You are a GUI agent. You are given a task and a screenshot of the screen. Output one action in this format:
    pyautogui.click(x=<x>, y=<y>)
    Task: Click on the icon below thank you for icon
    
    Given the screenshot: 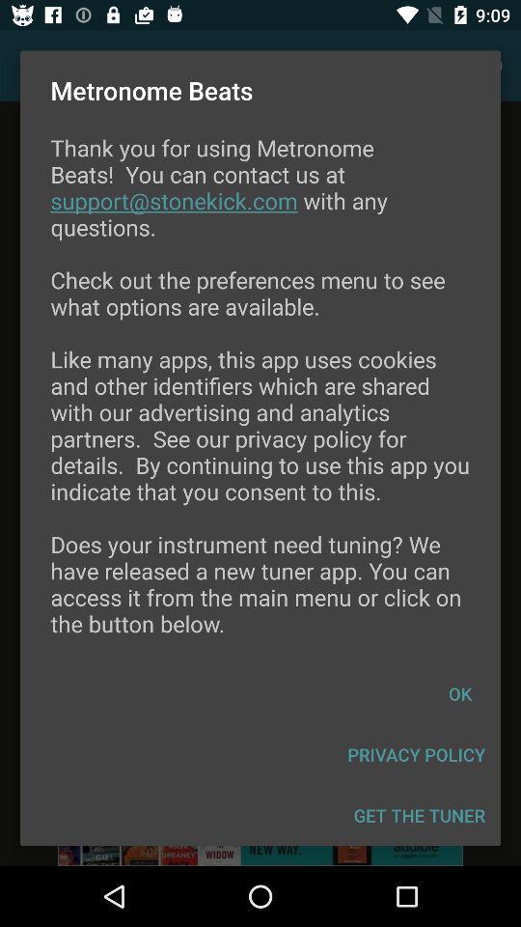 What is the action you would take?
    pyautogui.click(x=458, y=693)
    